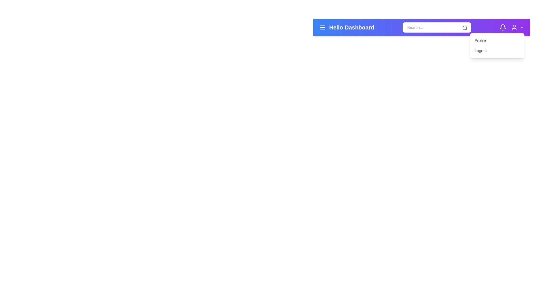  What do you see at coordinates (480, 50) in the screenshot?
I see `the 'Logout' text button located in the dropdown menu beneath the 'Profile' item to log out` at bounding box center [480, 50].